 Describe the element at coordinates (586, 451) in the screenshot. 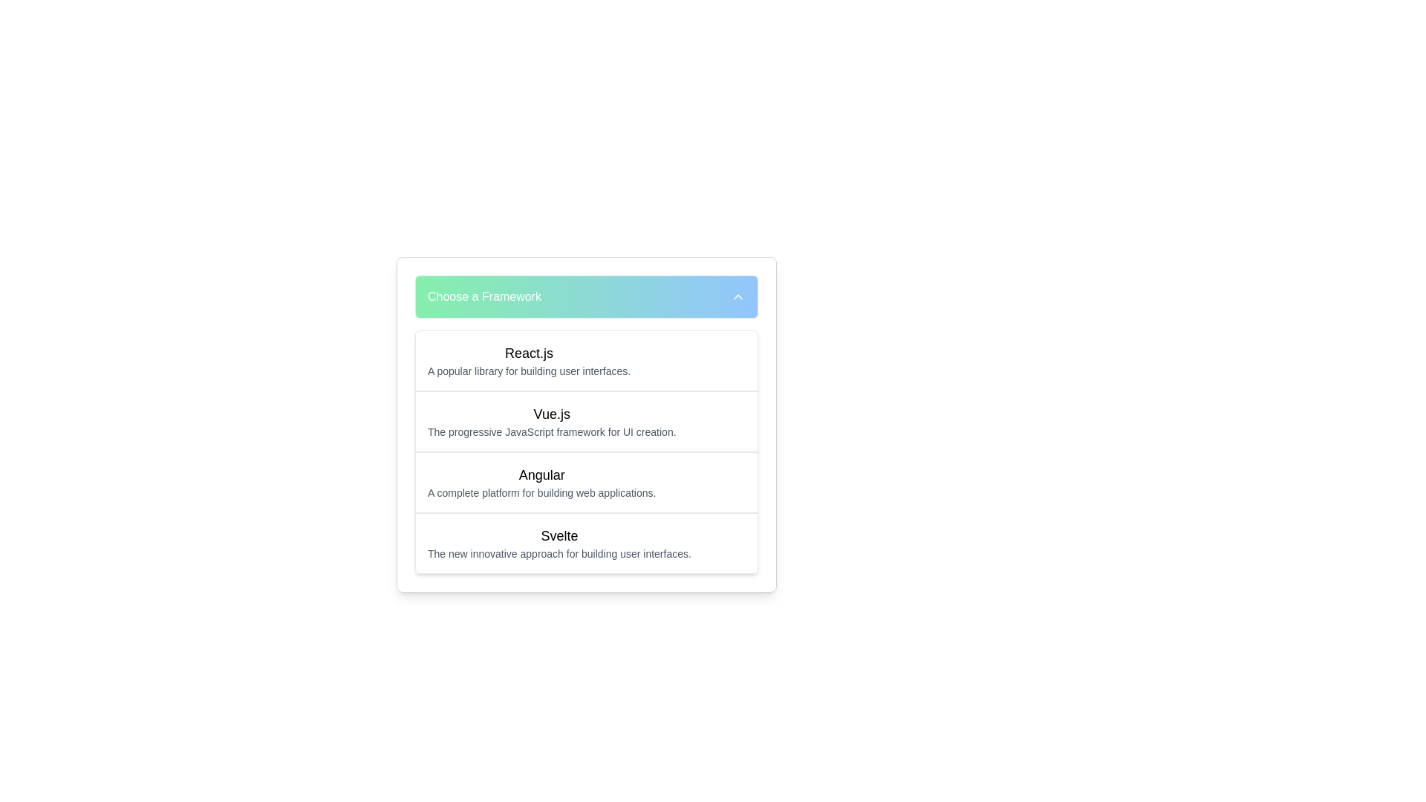

I see `to select the 'Vue.js' option from the list of JavaScript frameworks, which is styled with a white background and rounded borders, located just below the 'Choose a Framework' title` at that location.